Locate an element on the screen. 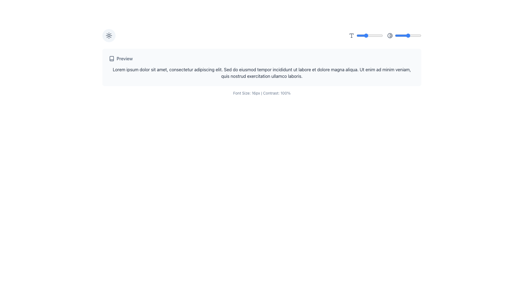 Image resolution: width=527 pixels, height=296 pixels. the error message display that is styled in red with a warning icon, positioned below 'Recipient Email Template' is located at coordinates (180, 78).